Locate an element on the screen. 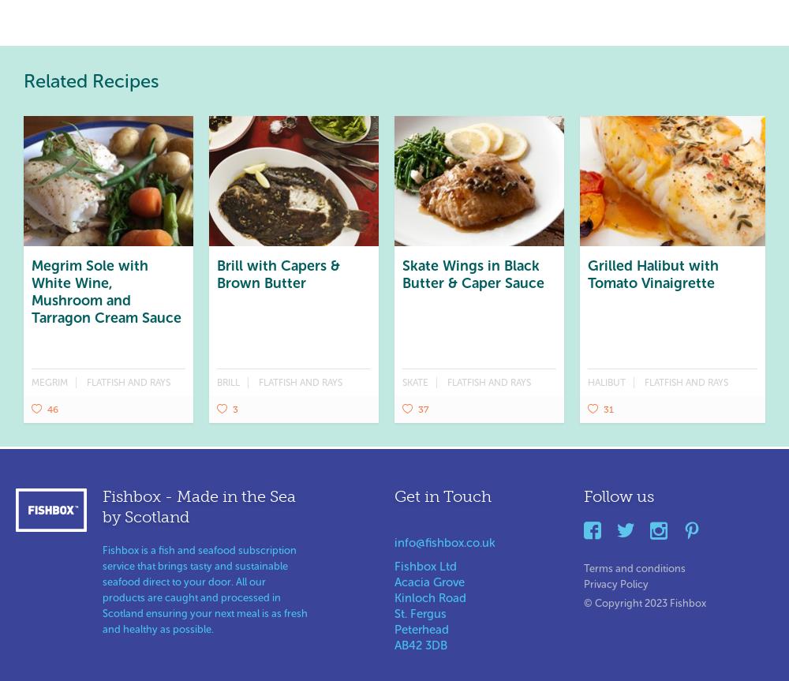 The image size is (789, 681). '37' is located at coordinates (424, 407).